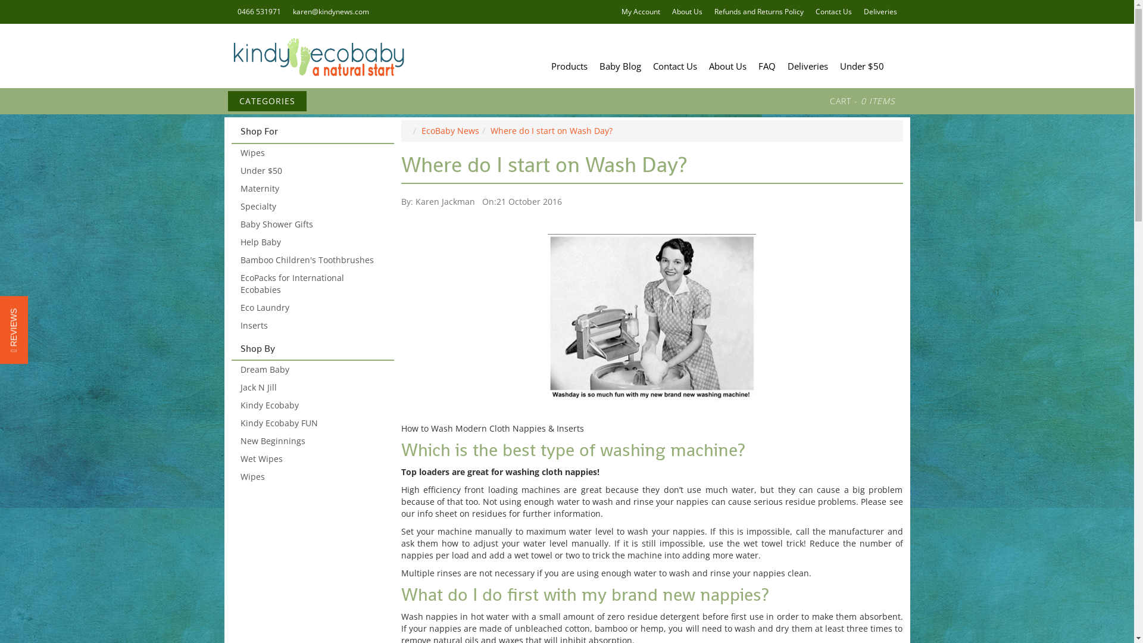 The width and height of the screenshot is (1143, 643). What do you see at coordinates (421, 130) in the screenshot?
I see `'EcoBaby News'` at bounding box center [421, 130].